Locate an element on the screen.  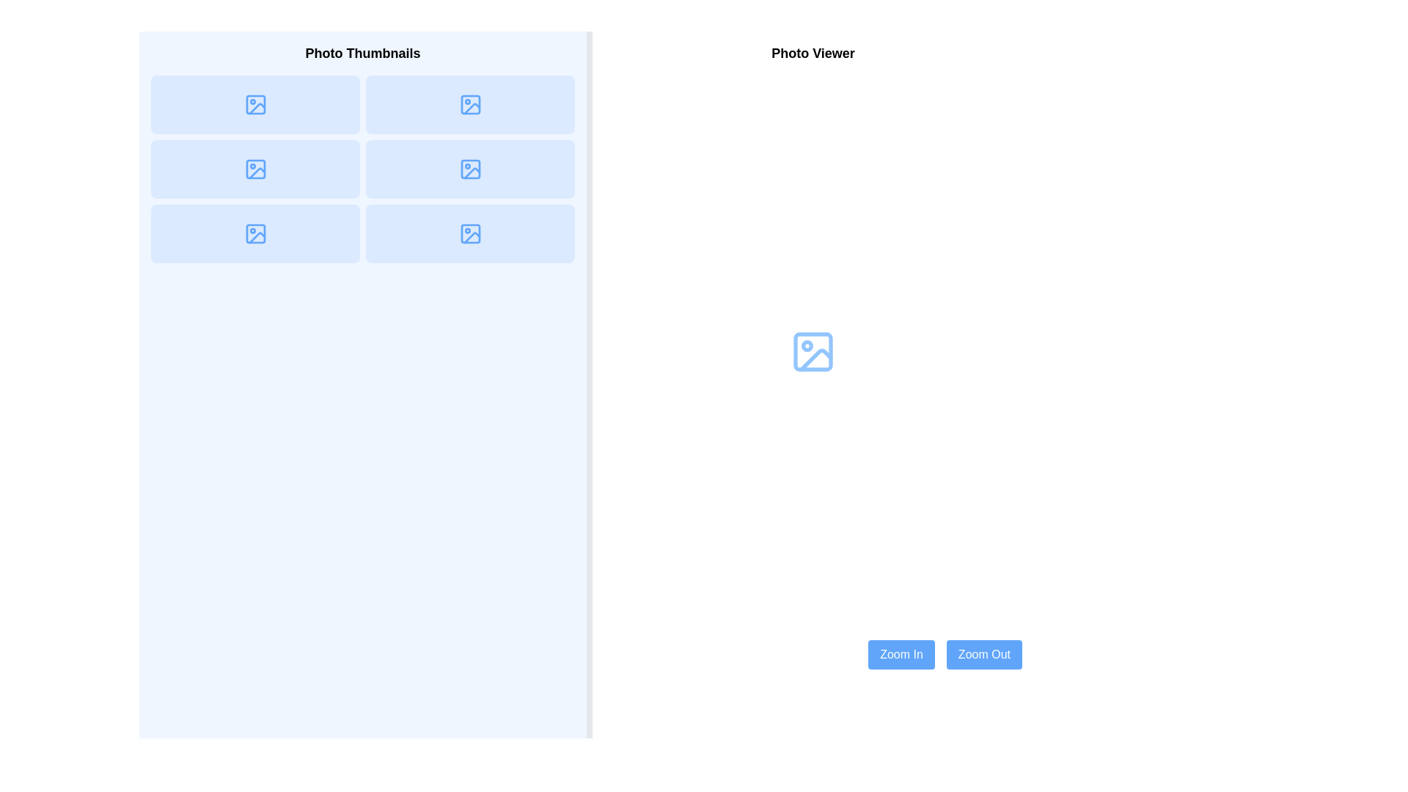
the photo thumbnail icon located in the bottom row, first column of the 'Photo Thumbnails' grid is located at coordinates (255, 233).